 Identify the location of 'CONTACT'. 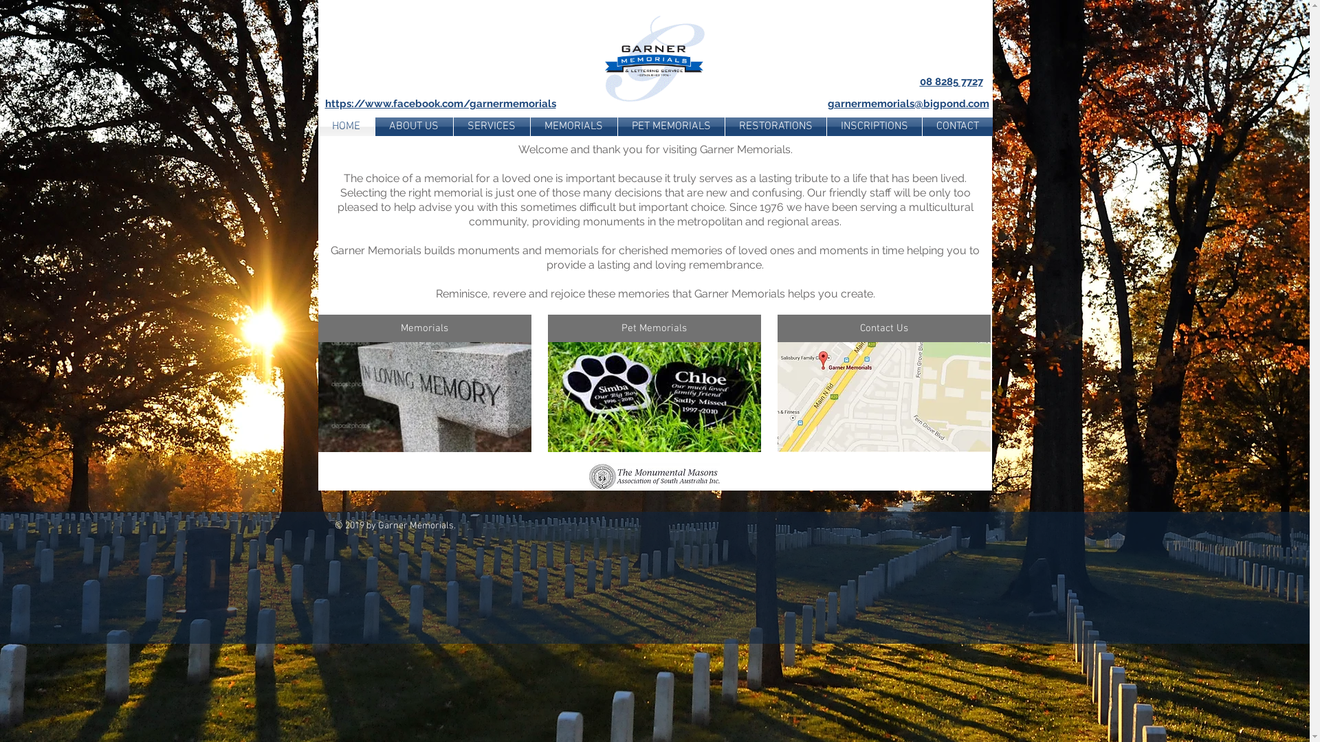
(923, 126).